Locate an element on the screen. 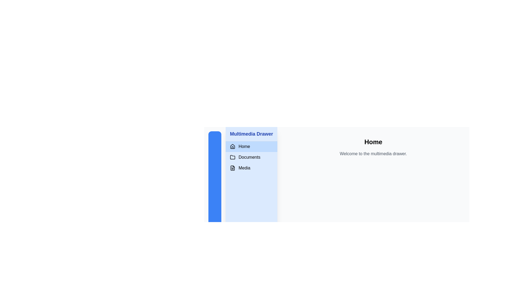 The width and height of the screenshot is (517, 290). the 'Documents' navigation link located in the sidebar with a light blue background is located at coordinates (251, 157).